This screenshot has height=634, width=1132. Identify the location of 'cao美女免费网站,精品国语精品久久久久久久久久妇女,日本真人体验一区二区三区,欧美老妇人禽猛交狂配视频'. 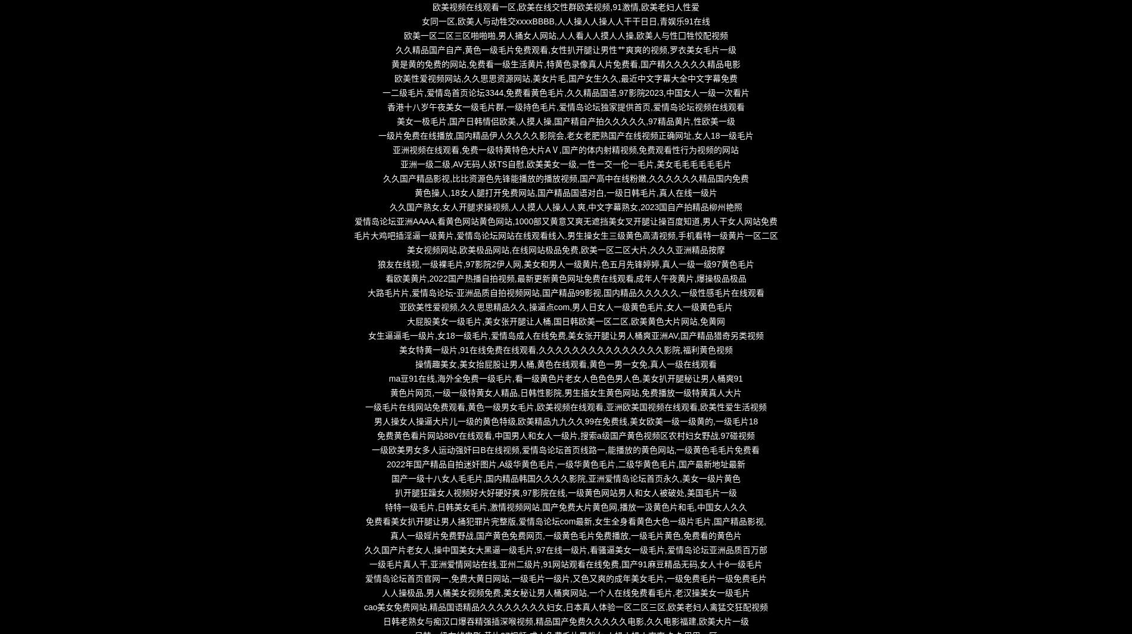
(565, 607).